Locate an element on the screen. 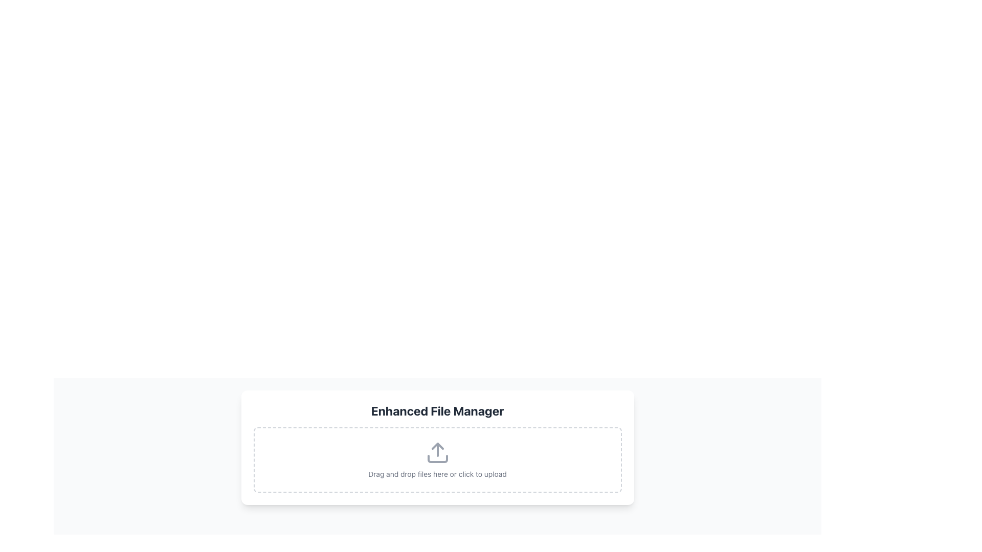 The height and width of the screenshot is (552, 982). files onto the File Upload Dropzone, which is a rectangular area with an upload icon and descriptive text is located at coordinates (437, 459).